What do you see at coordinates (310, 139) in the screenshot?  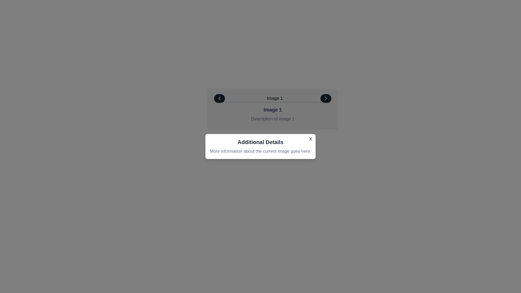 I see `the 'close' button represented by a cross symbol located at the upper-right corner of the 'Additional Details' pop-up` at bounding box center [310, 139].